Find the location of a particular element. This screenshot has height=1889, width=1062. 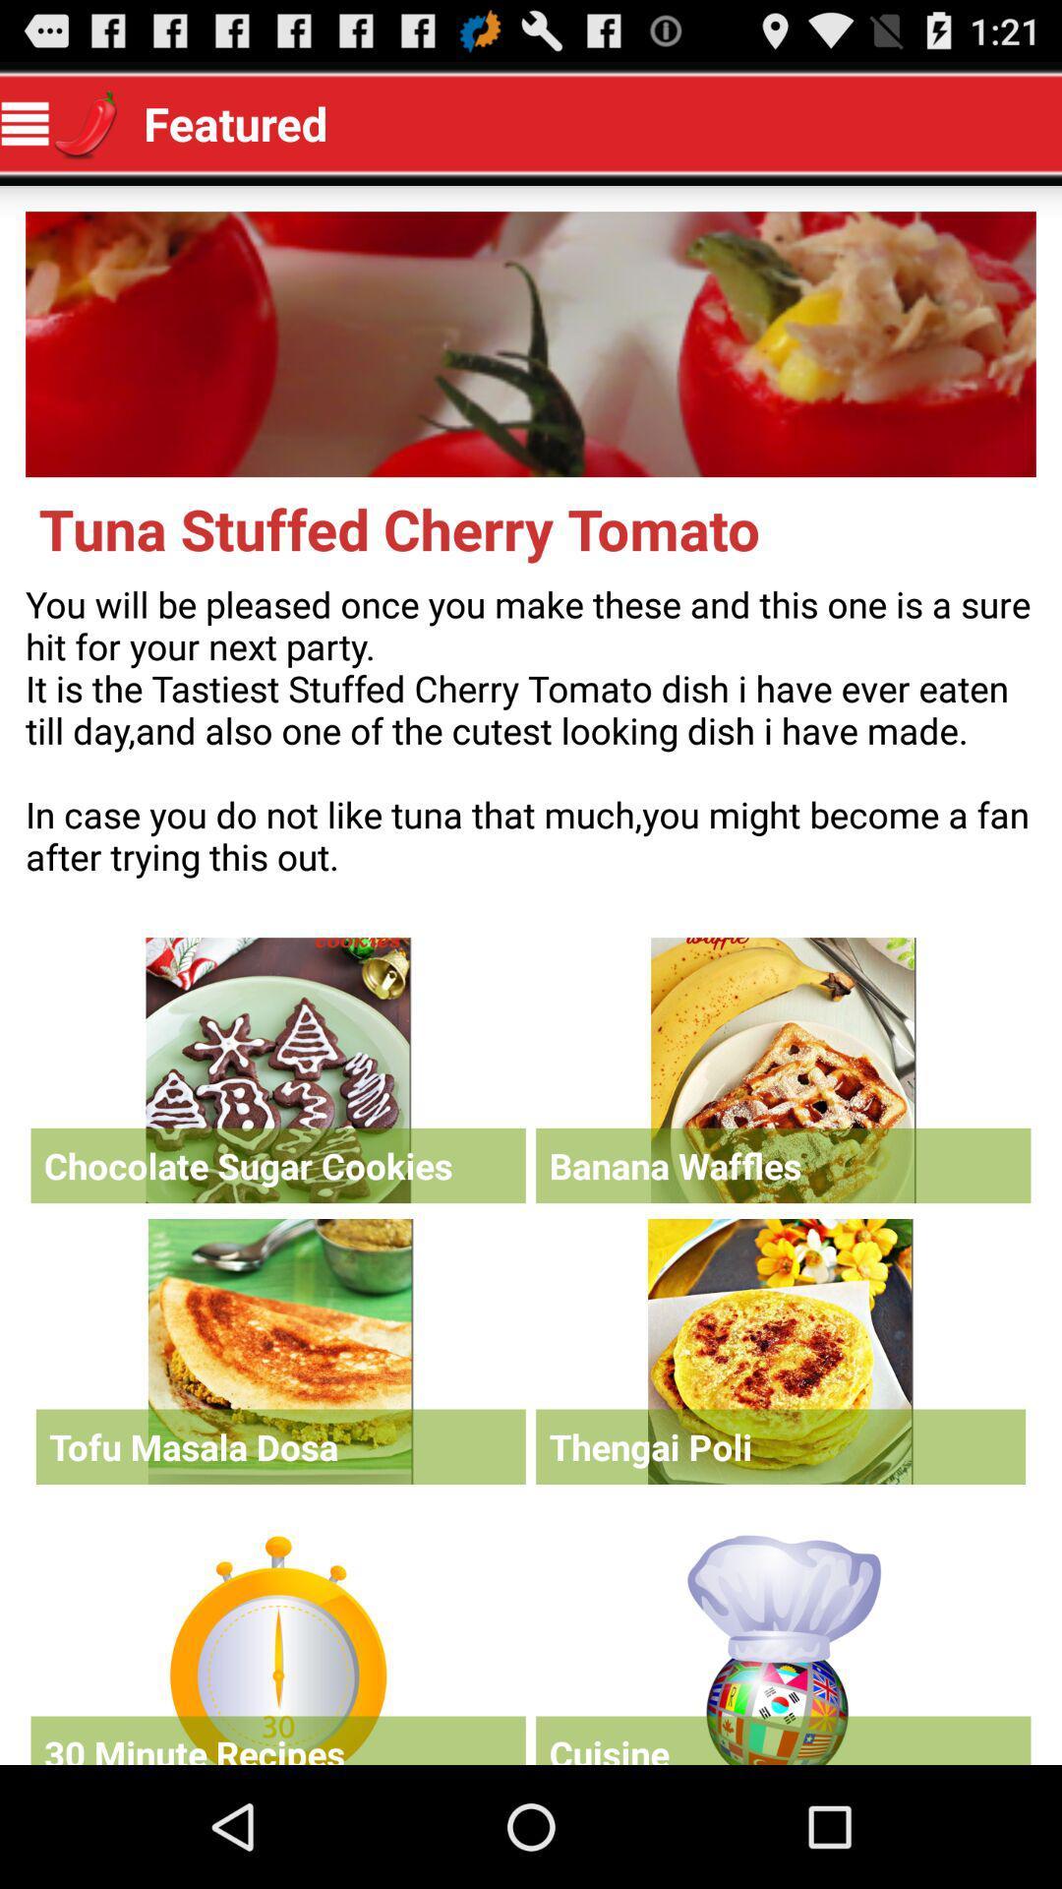

recipe is located at coordinates (782, 1069).